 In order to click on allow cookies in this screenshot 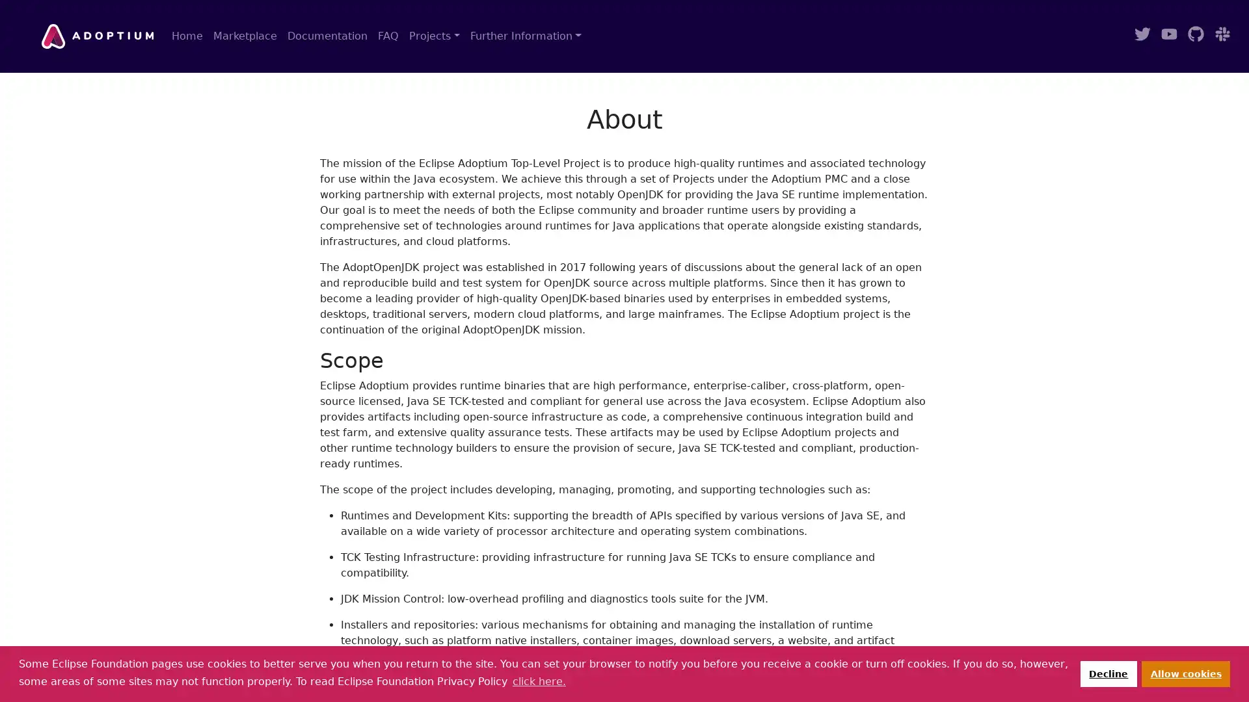, I will do `click(1186, 673)`.